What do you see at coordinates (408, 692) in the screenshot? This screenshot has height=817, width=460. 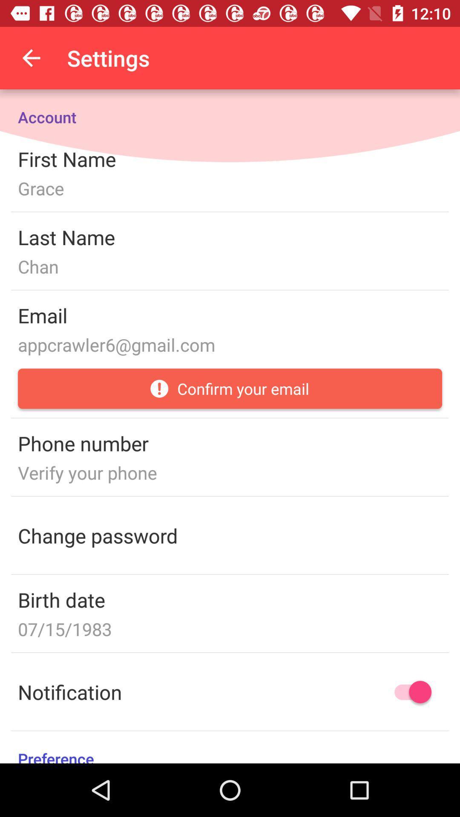 I see `the item to the right of the notification item` at bounding box center [408, 692].